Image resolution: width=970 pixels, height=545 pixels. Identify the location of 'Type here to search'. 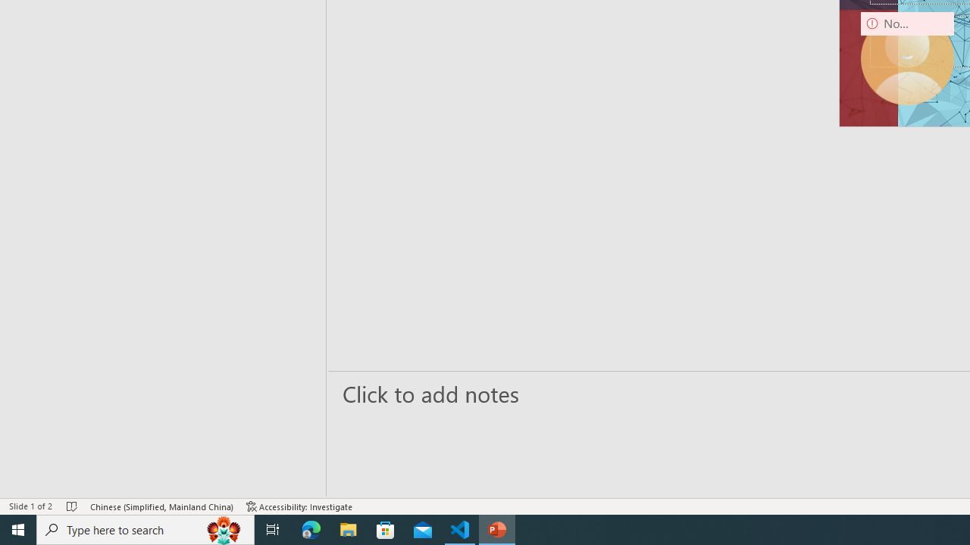
(145, 528).